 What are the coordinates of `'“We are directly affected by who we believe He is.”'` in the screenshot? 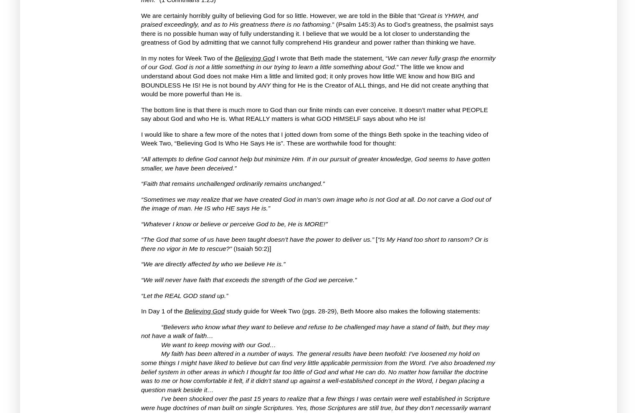 It's located at (140, 263).